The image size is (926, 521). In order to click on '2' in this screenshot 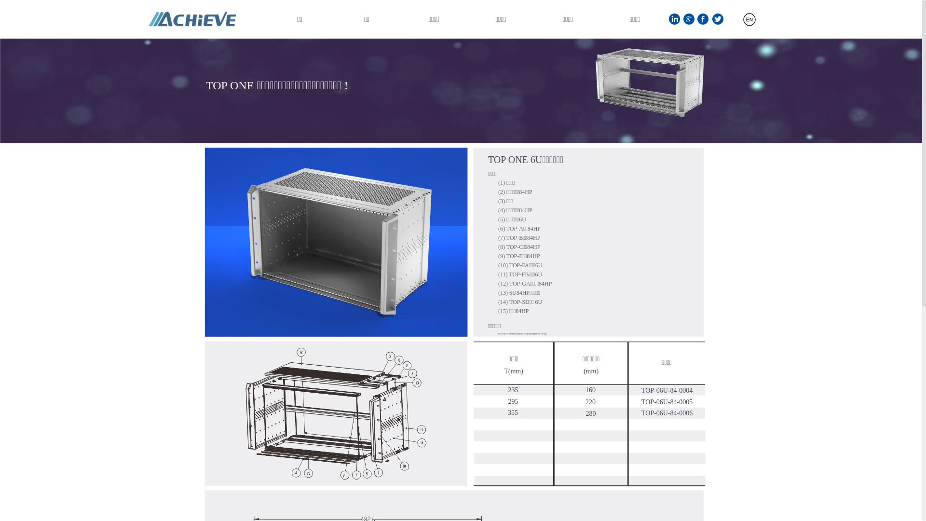, I will do `click(588, 241)`.